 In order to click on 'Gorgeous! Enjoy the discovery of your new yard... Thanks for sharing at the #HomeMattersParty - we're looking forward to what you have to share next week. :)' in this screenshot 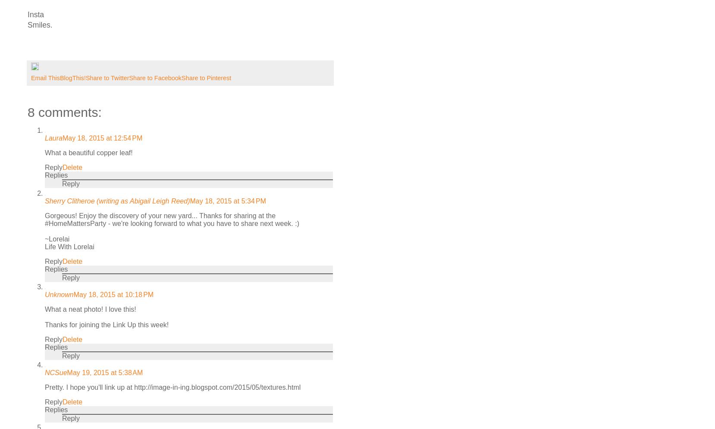, I will do `click(171, 219)`.